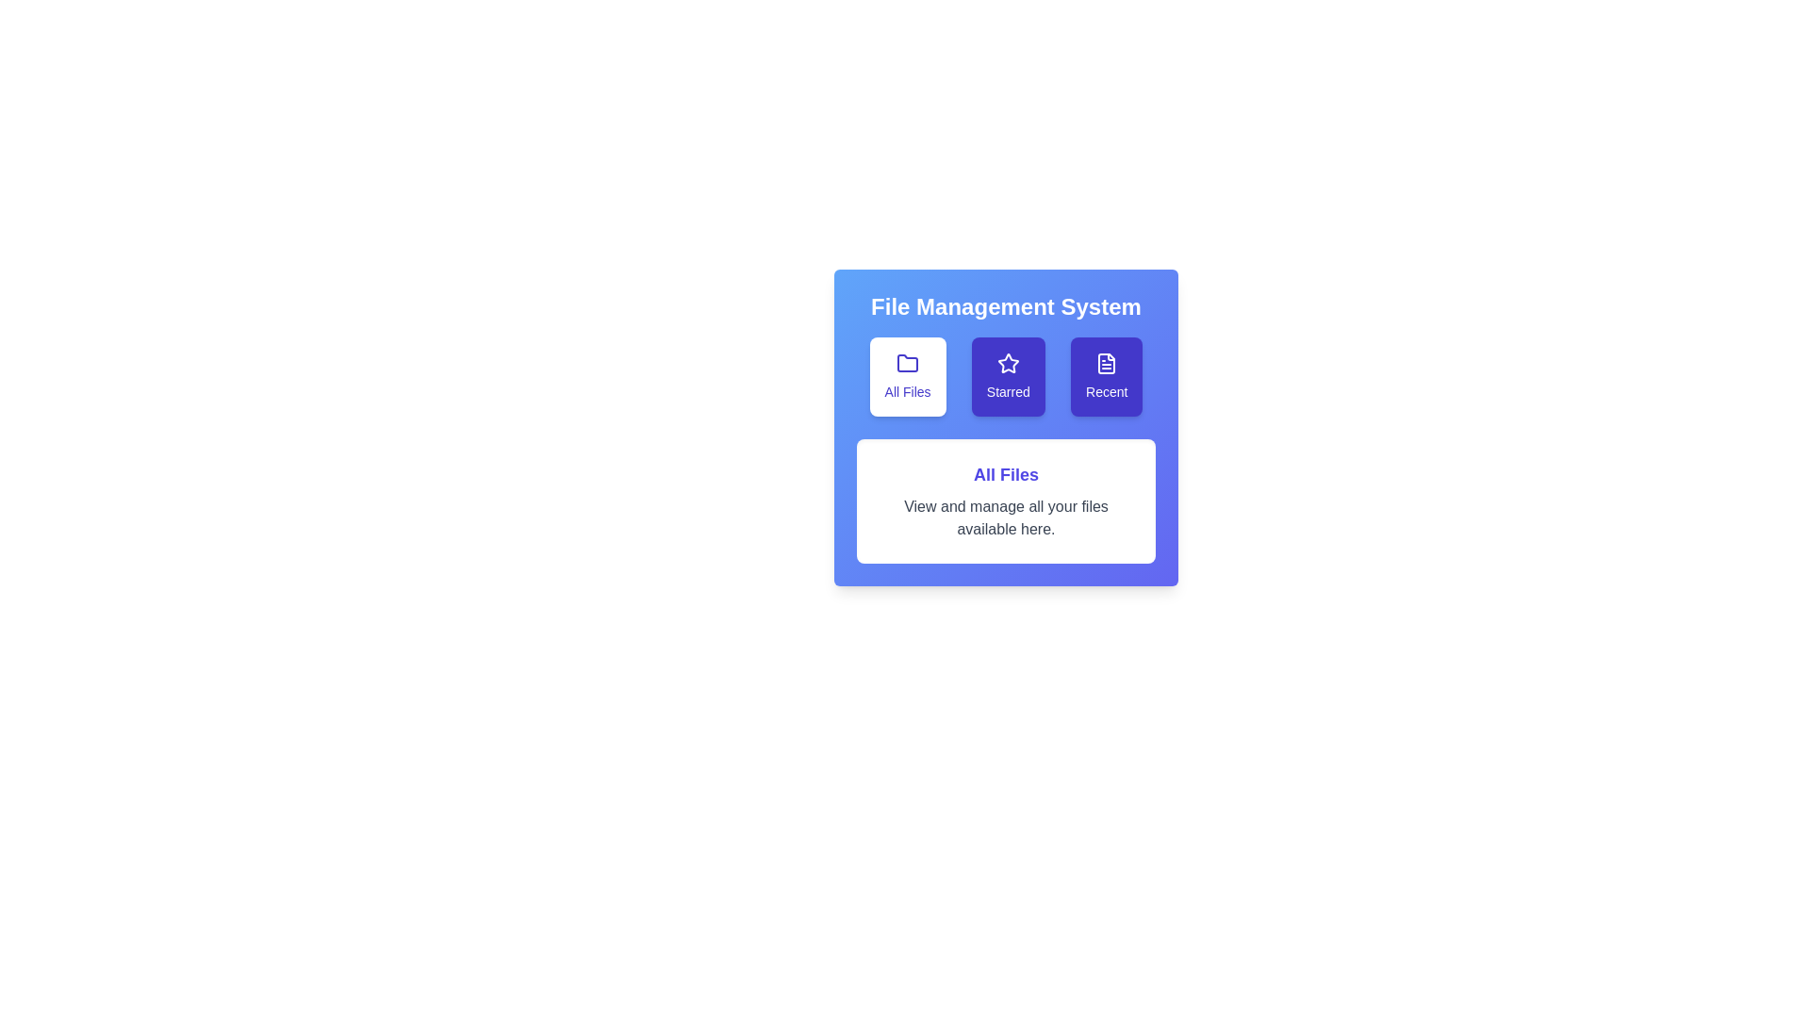  What do you see at coordinates (1107, 377) in the screenshot?
I see `the Recent tab to observe its hover effect` at bounding box center [1107, 377].